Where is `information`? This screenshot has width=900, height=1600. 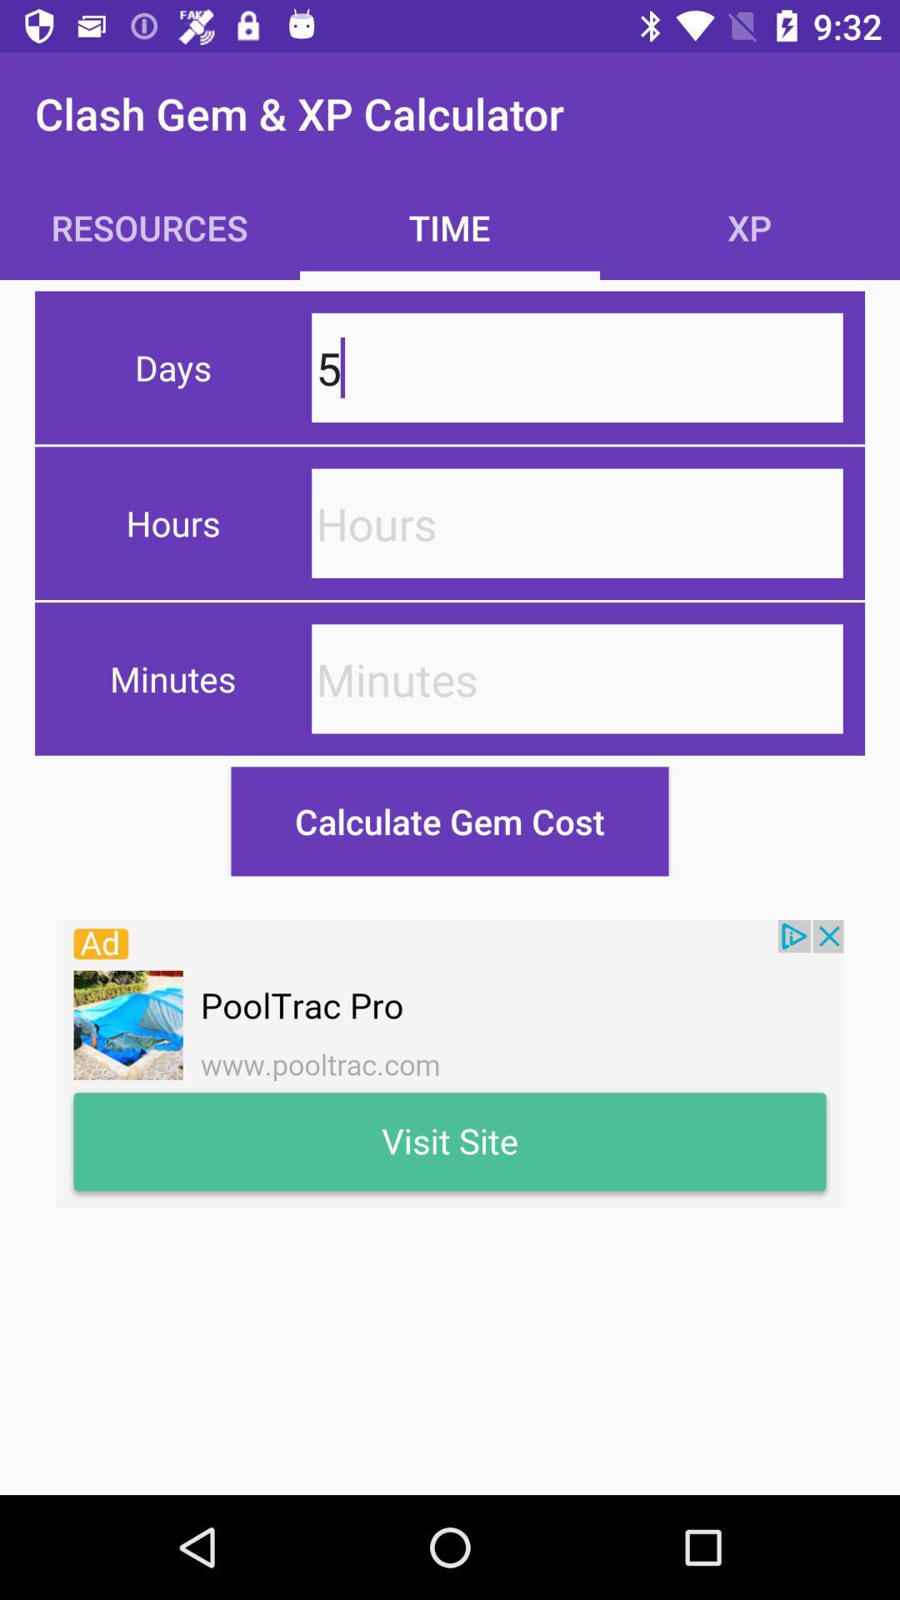 information is located at coordinates (577, 522).